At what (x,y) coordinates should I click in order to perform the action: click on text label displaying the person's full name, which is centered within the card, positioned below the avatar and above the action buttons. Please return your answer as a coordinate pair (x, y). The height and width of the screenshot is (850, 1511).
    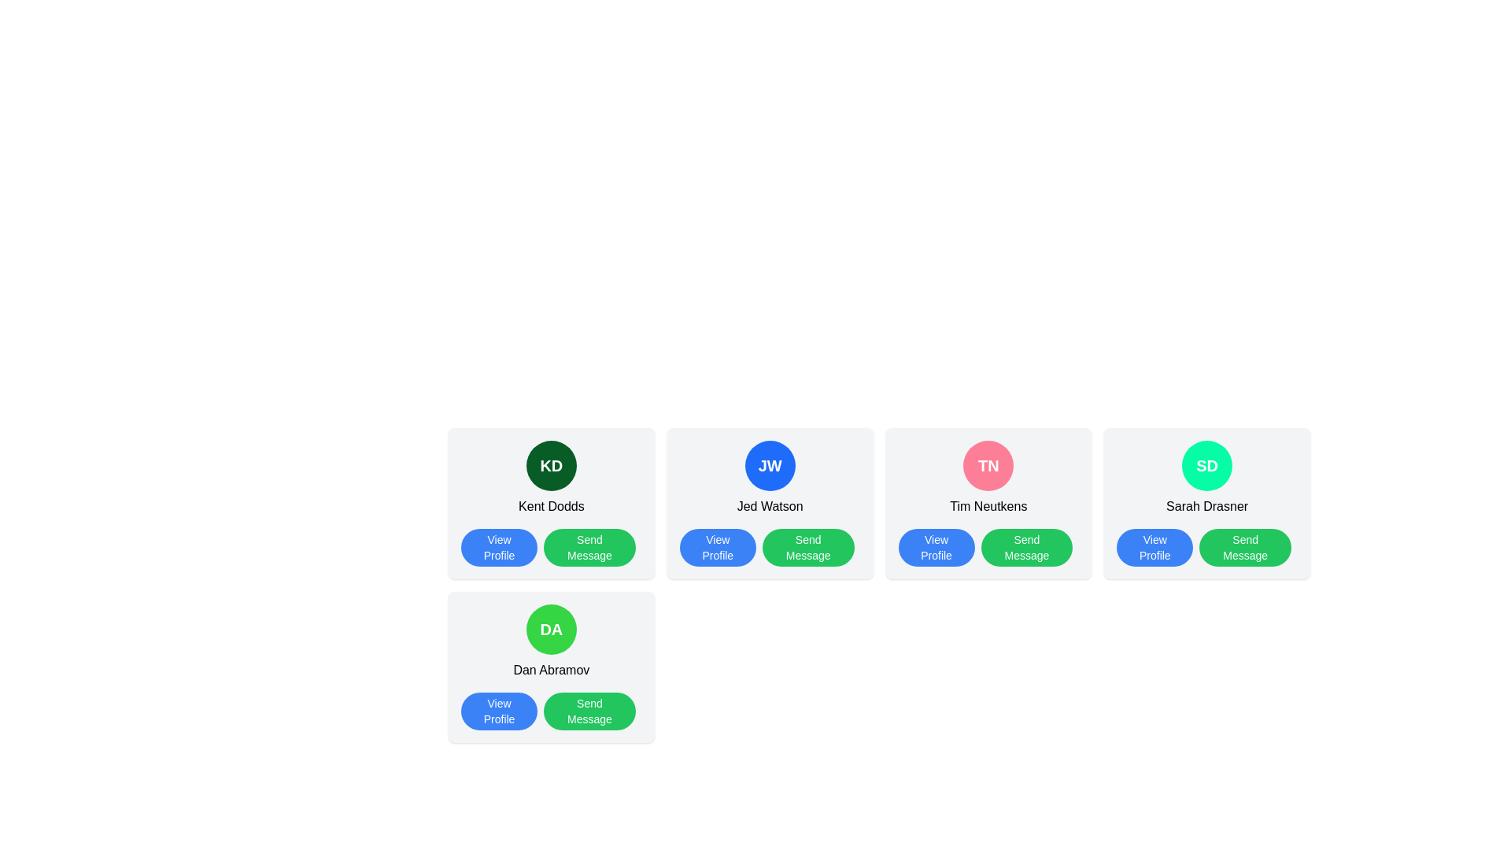
    Looking at the image, I should click on (551, 671).